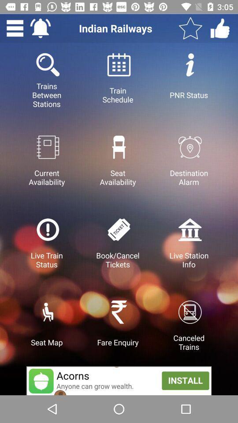 The width and height of the screenshot is (238, 423). I want to click on item below seat map item, so click(119, 380).